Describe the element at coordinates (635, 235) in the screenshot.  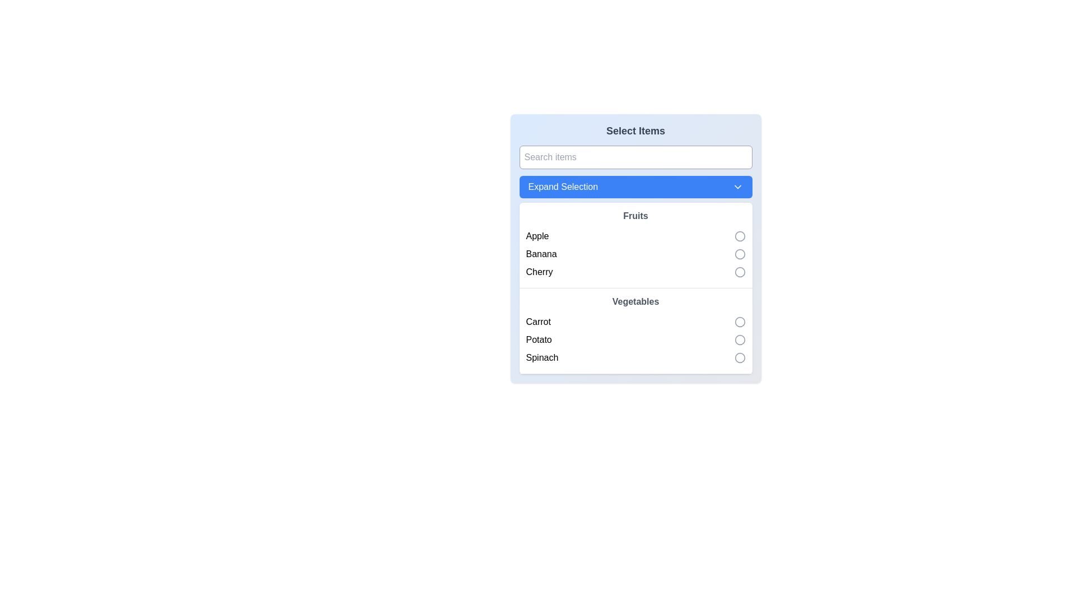
I see `the radio button labeled 'Apple' in the 'Fruits' group` at that location.